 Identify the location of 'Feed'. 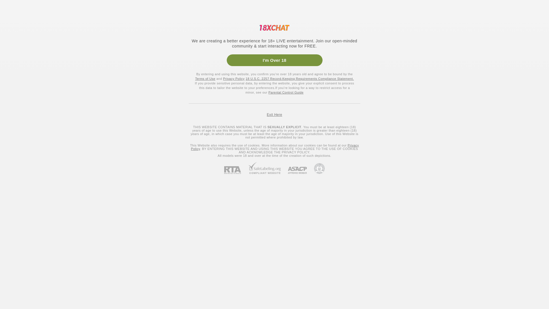
(30, 46).